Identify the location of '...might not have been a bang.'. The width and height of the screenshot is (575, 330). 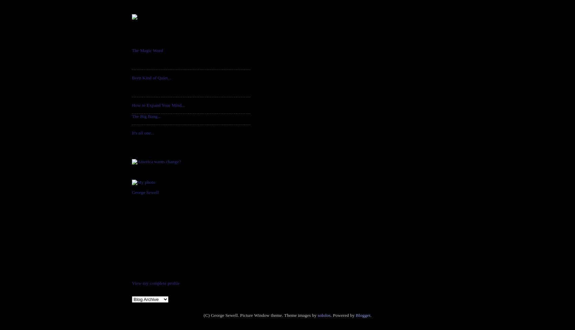
(160, 122).